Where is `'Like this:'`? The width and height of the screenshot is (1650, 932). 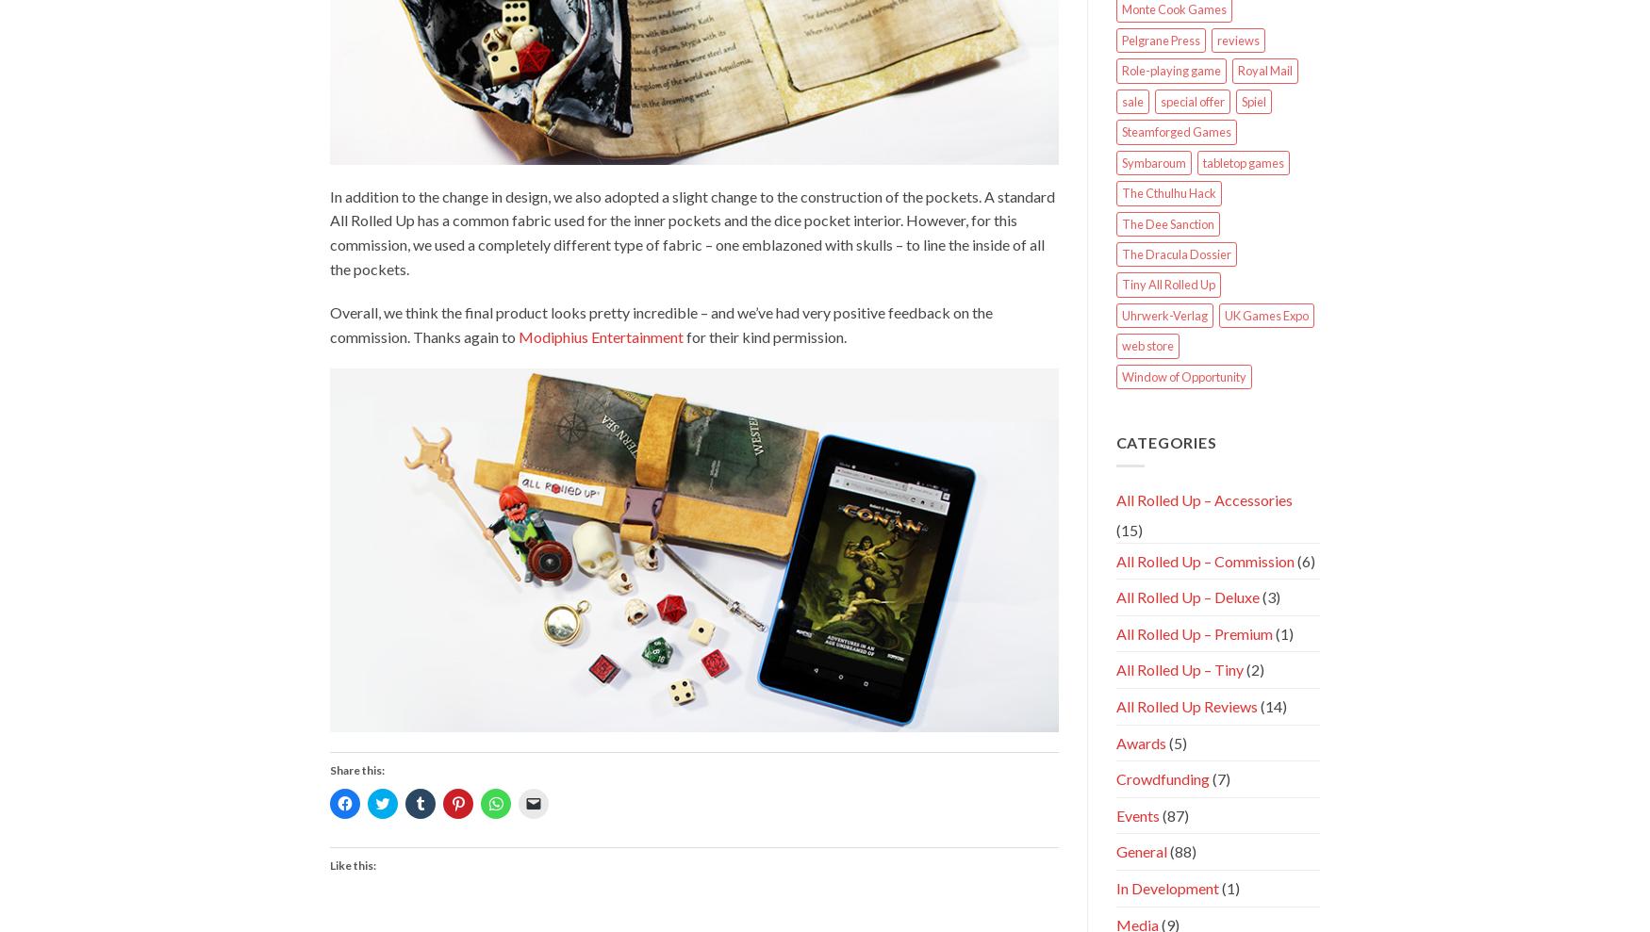
'Like this:' is located at coordinates (353, 864).